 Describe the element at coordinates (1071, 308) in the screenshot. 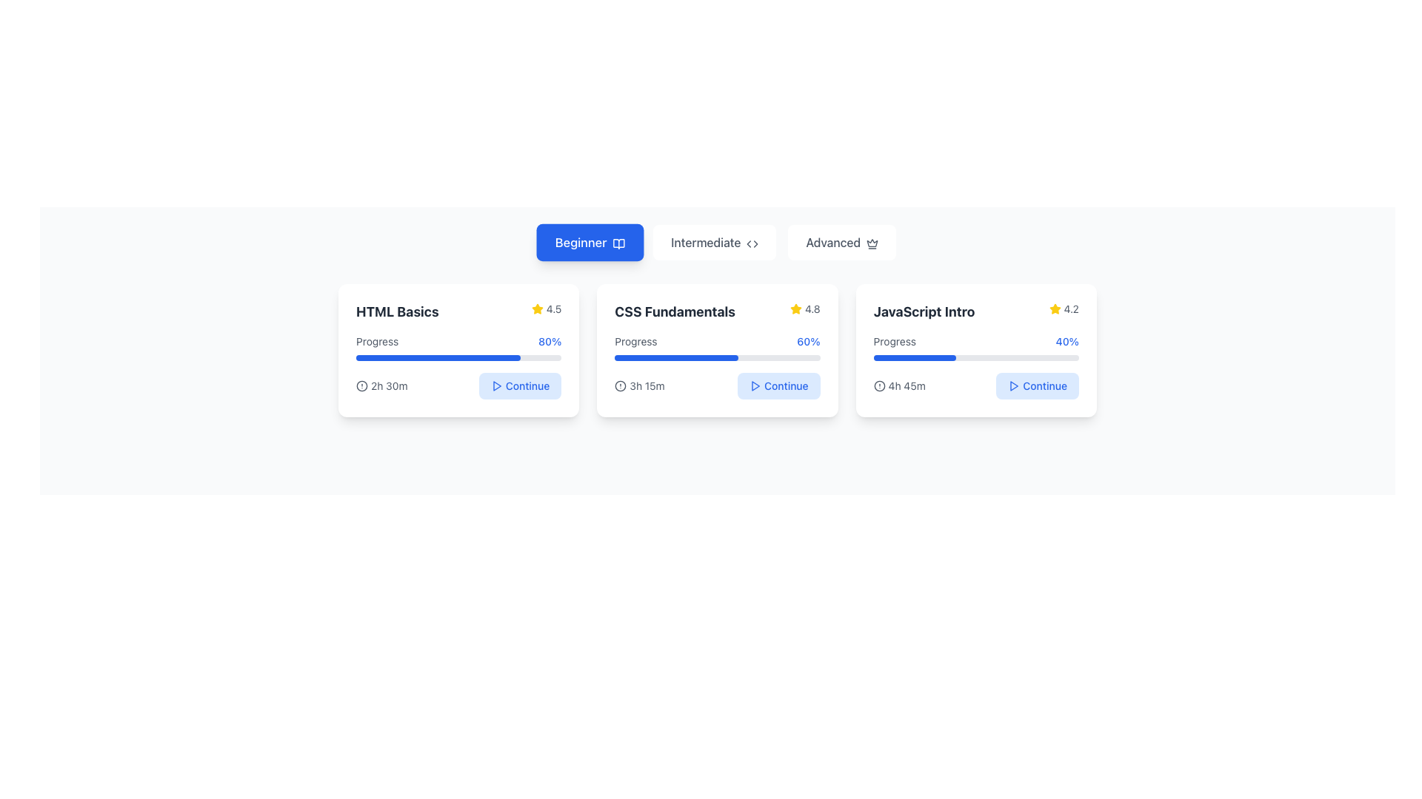

I see `value of the text label displaying '4.2', which is styled with a small font size in gray color and positioned adjacent to a yellow star icon in the JavaScript Intro course card` at that location.